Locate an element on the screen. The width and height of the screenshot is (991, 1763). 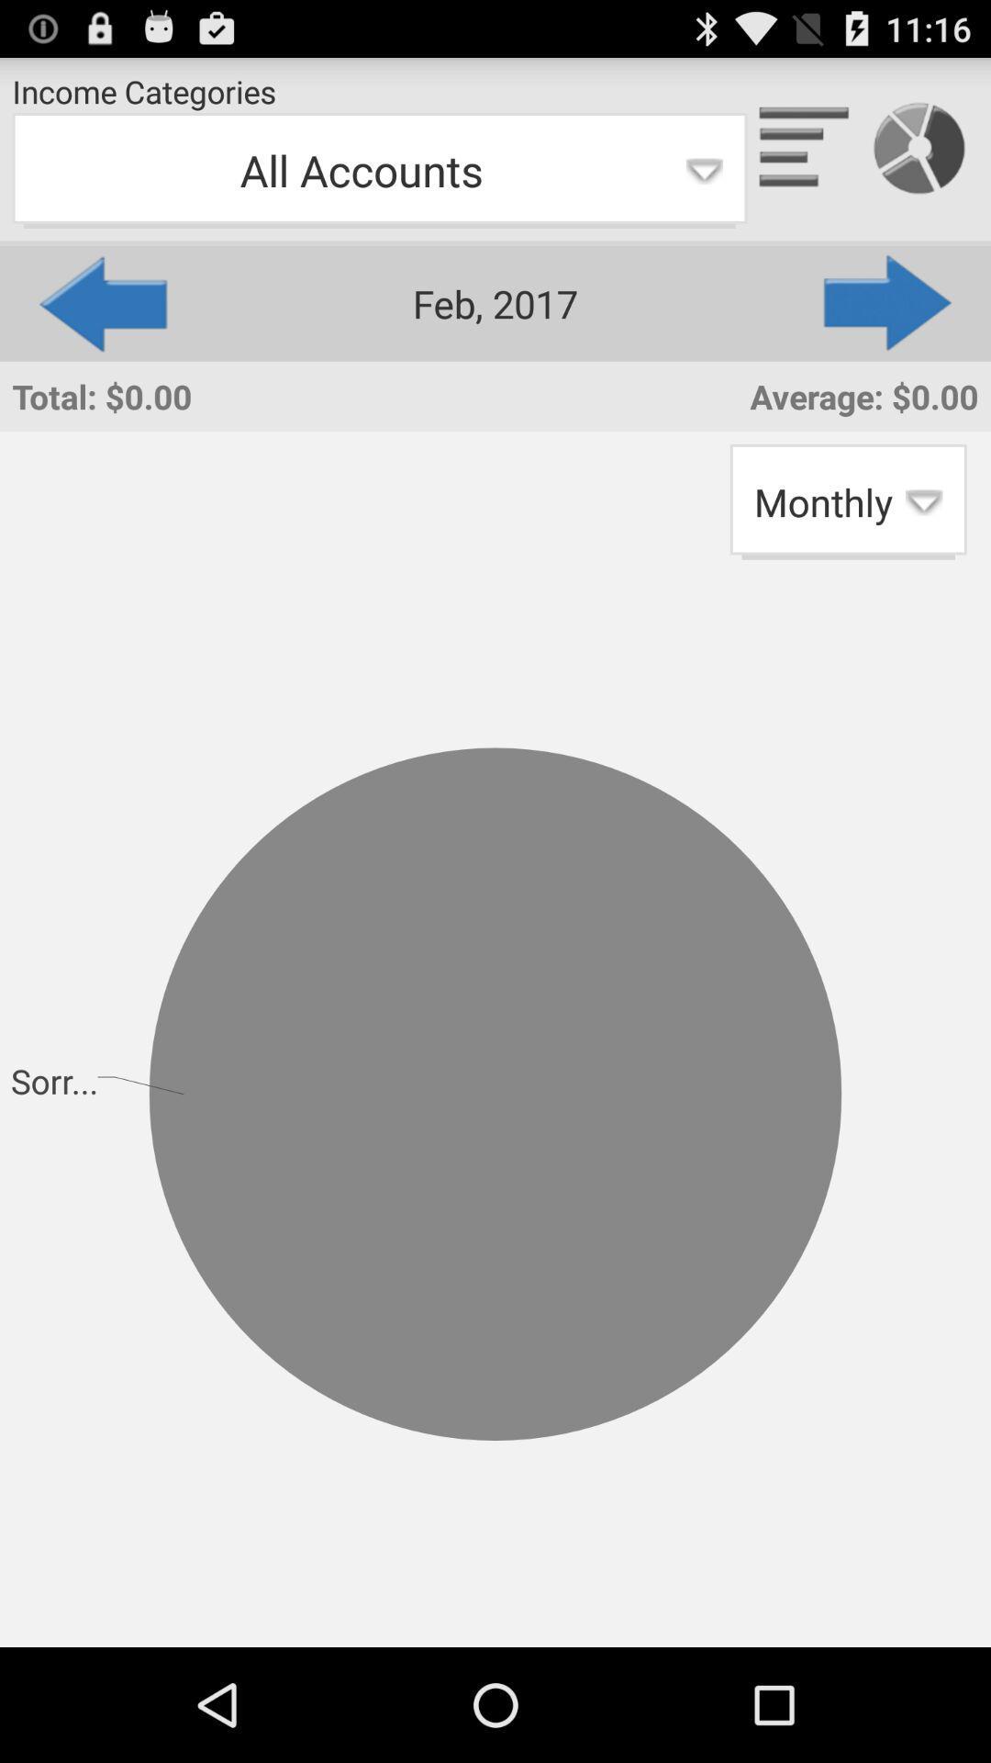
homepage is located at coordinates (804, 149).